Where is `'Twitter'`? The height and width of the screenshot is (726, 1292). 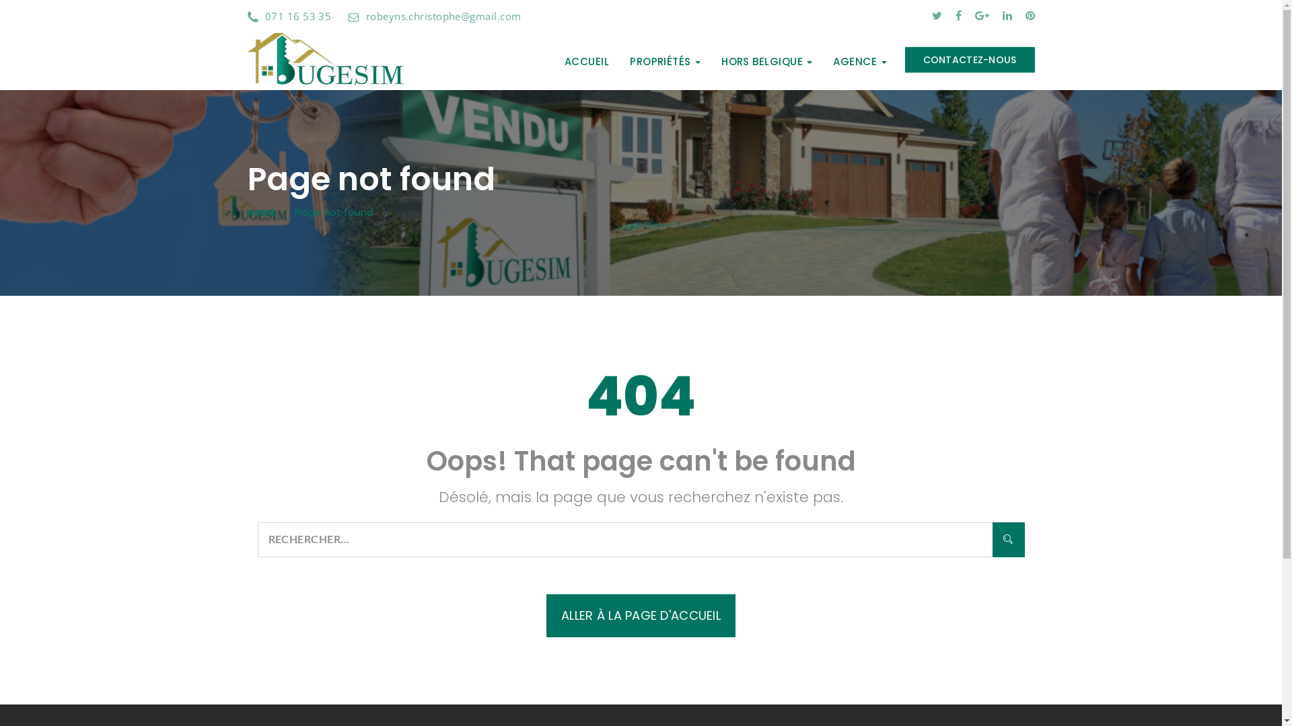
'Twitter' is located at coordinates (935, 15).